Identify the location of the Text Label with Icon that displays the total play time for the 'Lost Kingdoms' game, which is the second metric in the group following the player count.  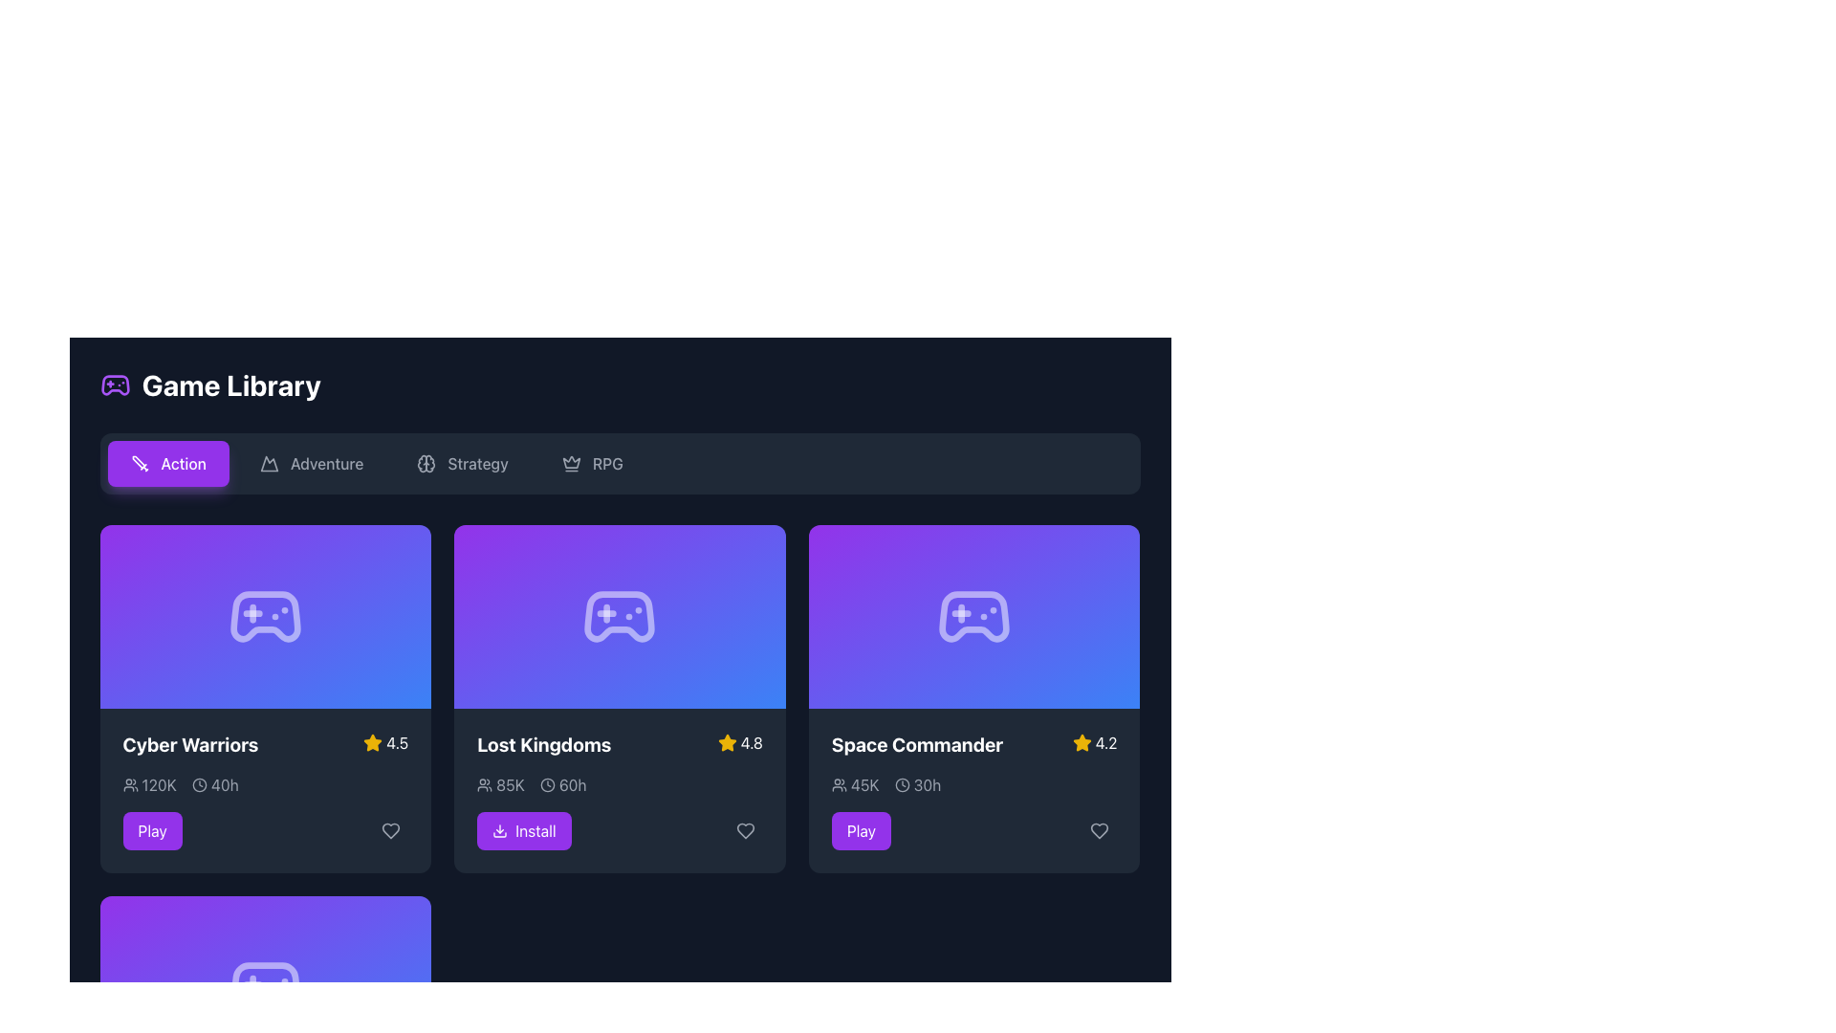
(562, 785).